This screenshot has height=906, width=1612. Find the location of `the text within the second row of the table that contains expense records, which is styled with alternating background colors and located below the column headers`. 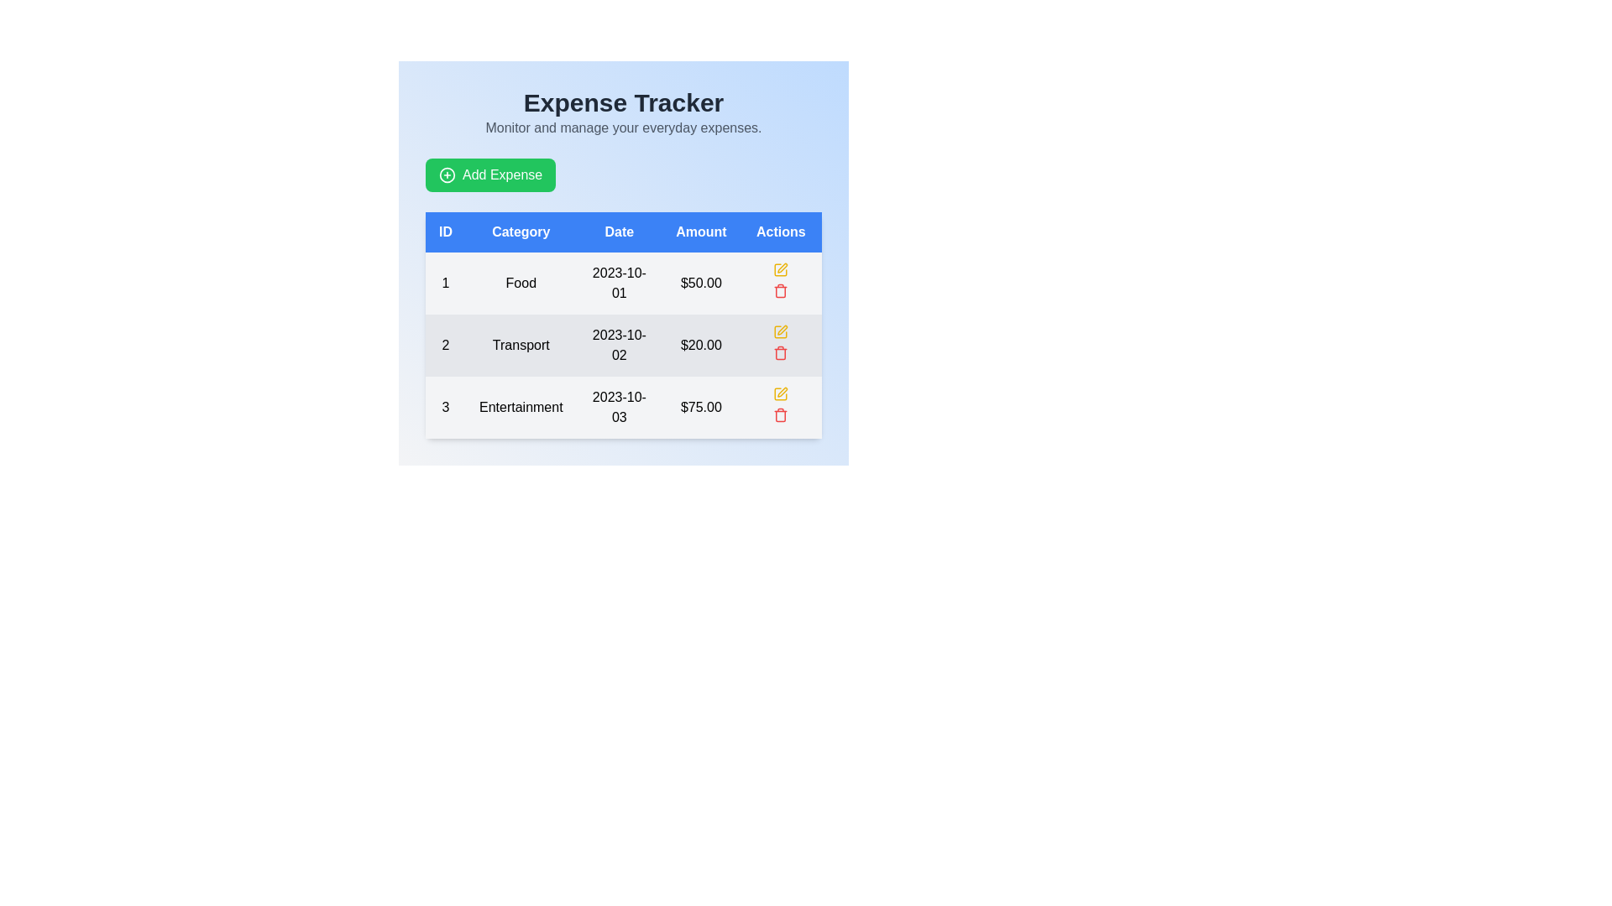

the text within the second row of the table that contains expense records, which is styled with alternating background colors and located below the column headers is located at coordinates (623, 325).